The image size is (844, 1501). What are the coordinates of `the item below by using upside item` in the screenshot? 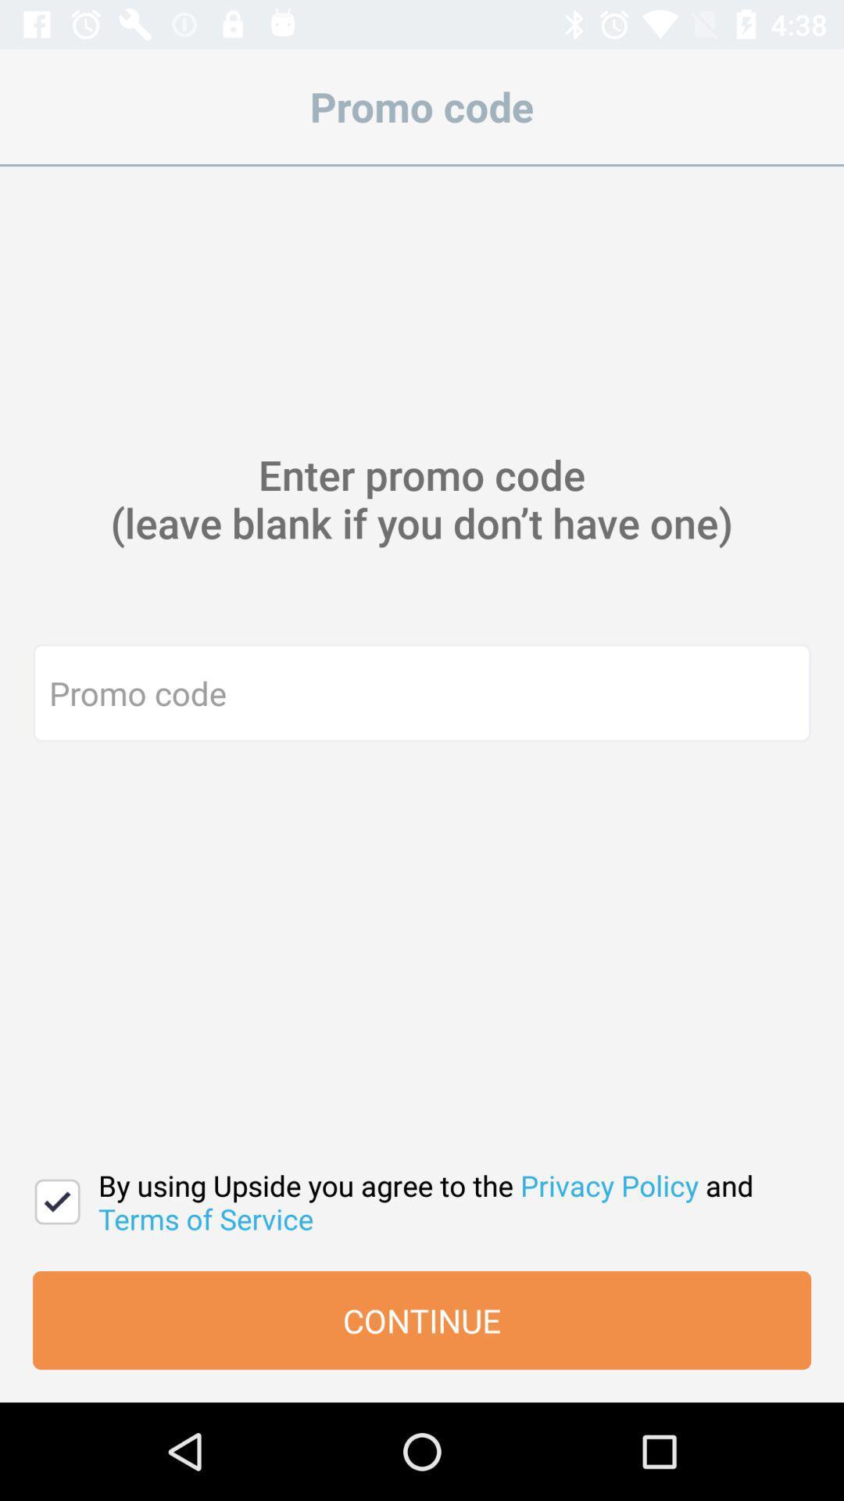 It's located at (422, 1320).